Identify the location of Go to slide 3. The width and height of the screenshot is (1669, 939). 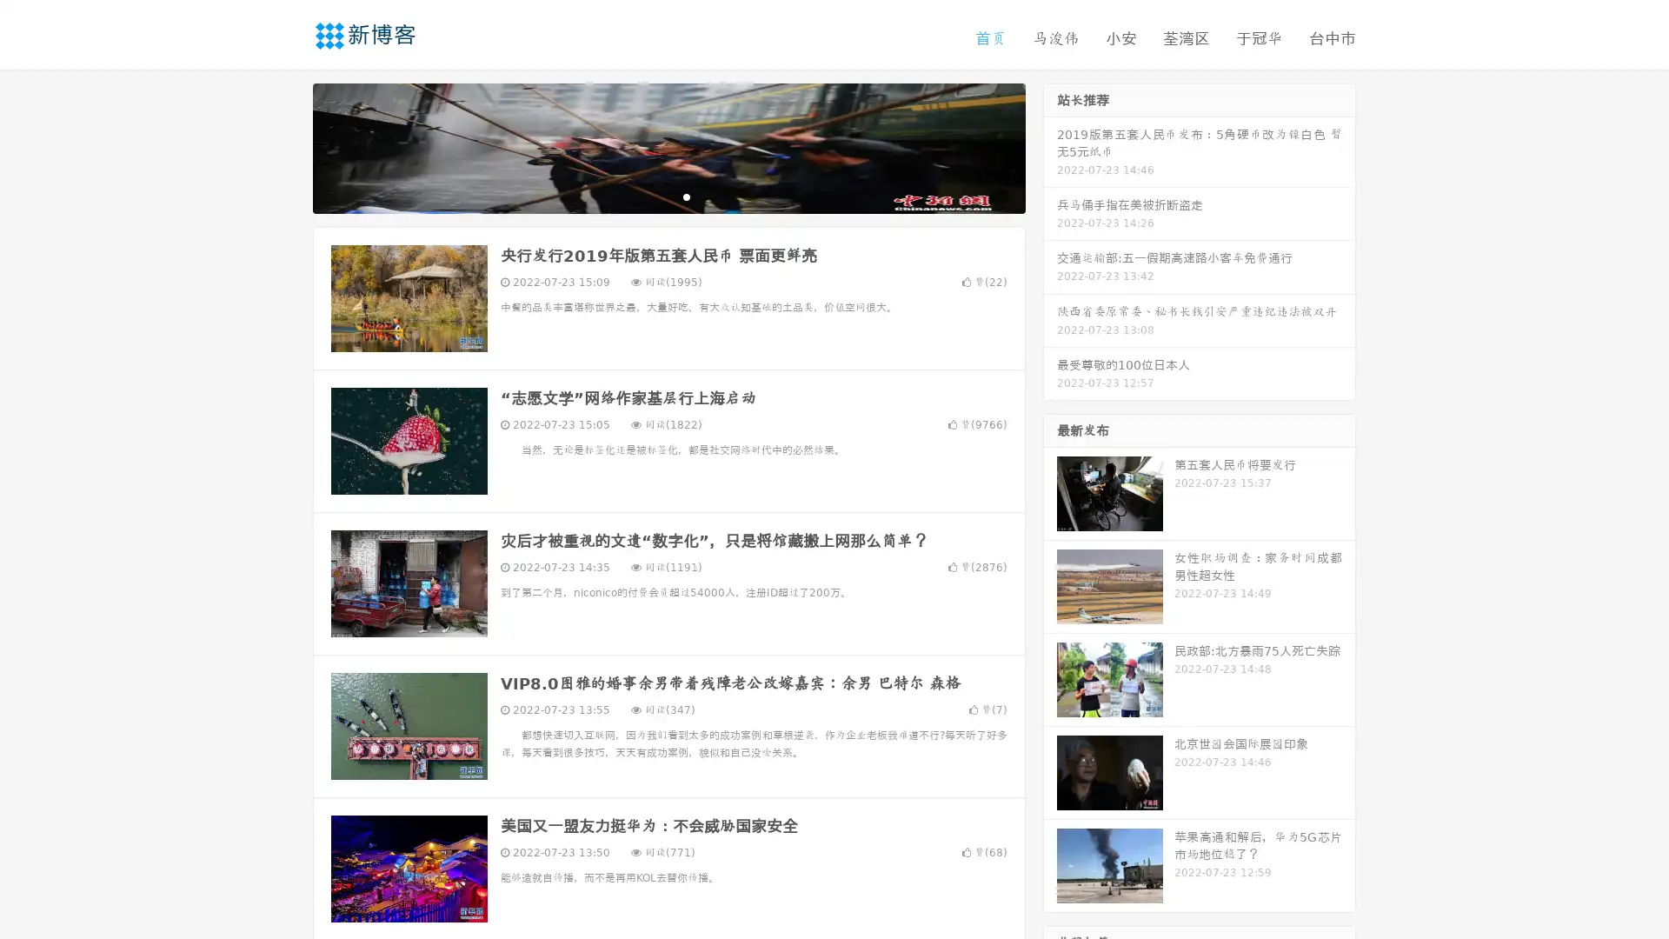
(686, 196).